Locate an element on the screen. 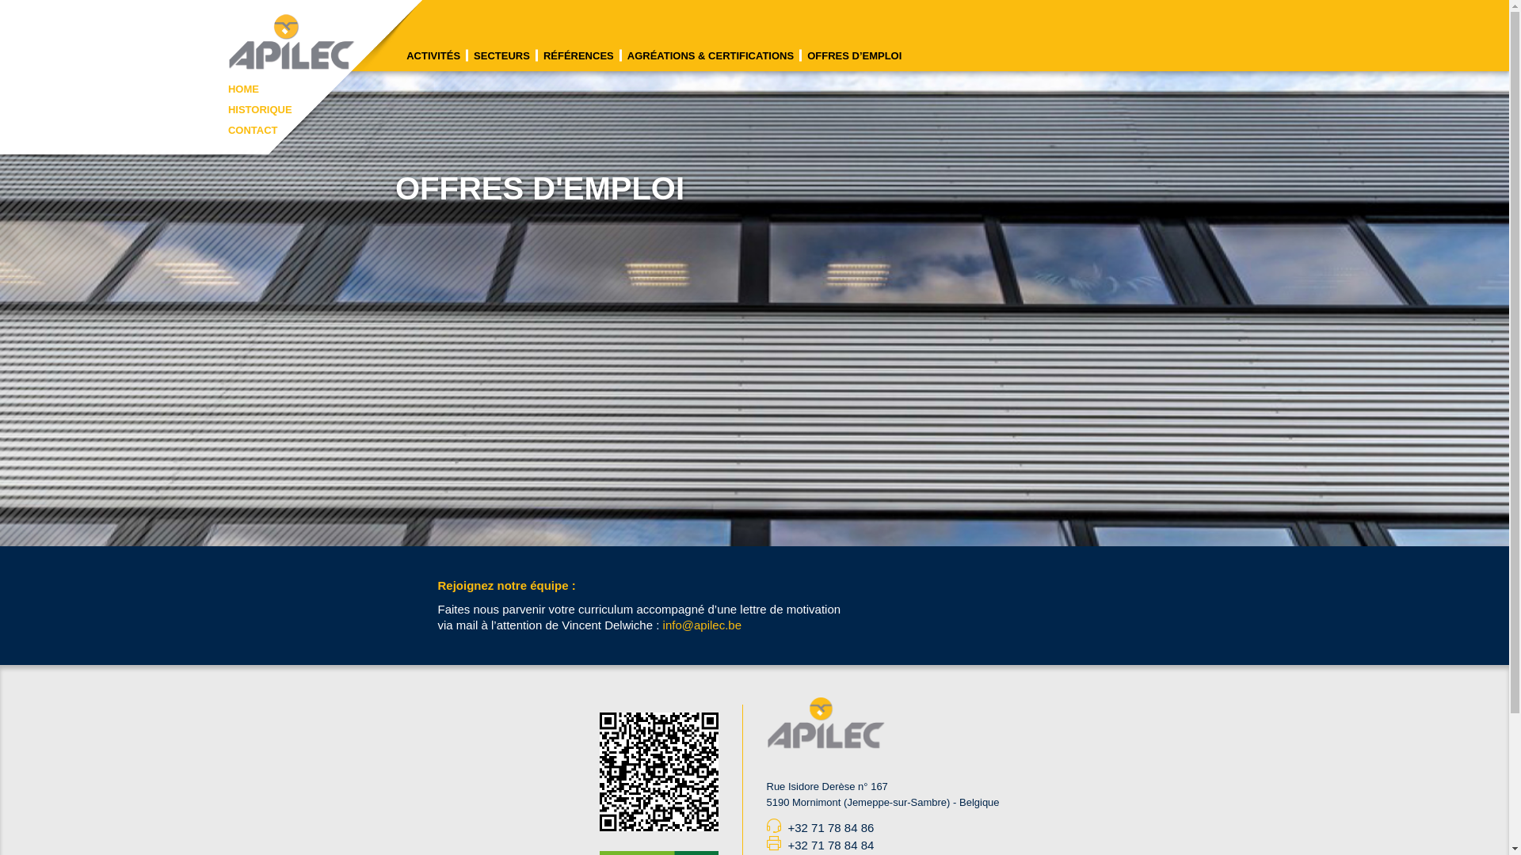 Image resolution: width=1521 pixels, height=855 pixels. 'HOME' is located at coordinates (242, 89).